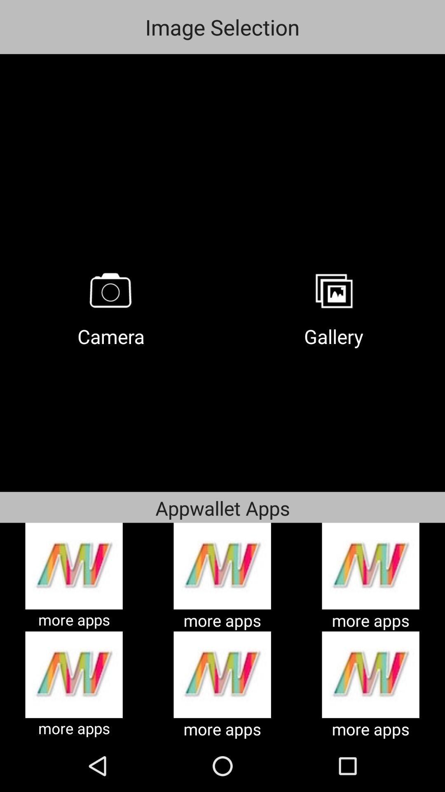 The width and height of the screenshot is (445, 792). Describe the element at coordinates (111, 291) in the screenshot. I see `the photo icon` at that location.